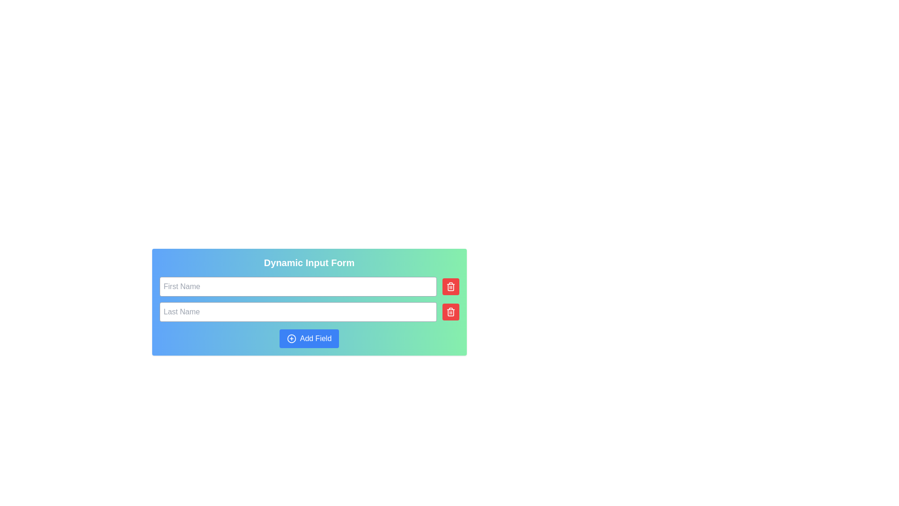  Describe the element at coordinates (450, 286) in the screenshot. I see `the trash bin icon located within the delete button of the second row in the form` at that location.